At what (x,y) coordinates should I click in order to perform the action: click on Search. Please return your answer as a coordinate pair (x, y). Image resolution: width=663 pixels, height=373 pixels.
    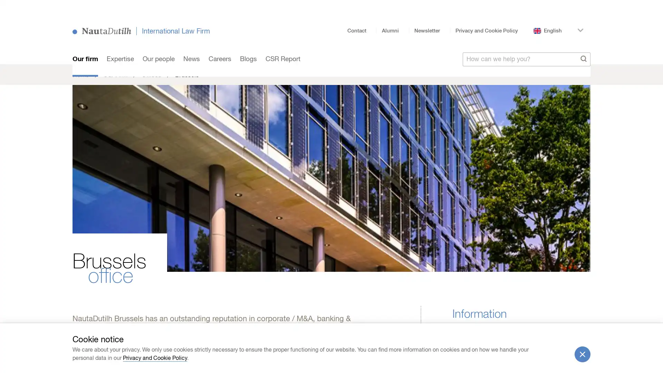
    Looking at the image, I should click on (583, 47).